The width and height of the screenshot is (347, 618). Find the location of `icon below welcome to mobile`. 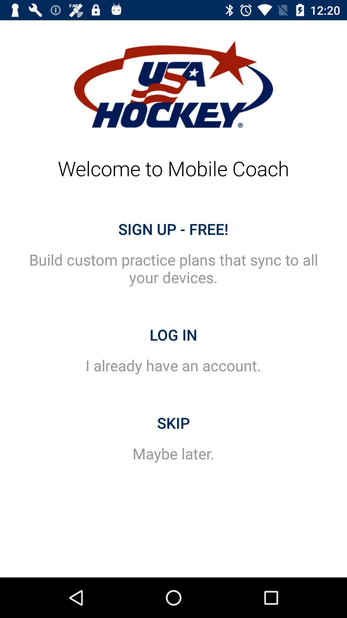

icon below welcome to mobile is located at coordinates (173, 229).